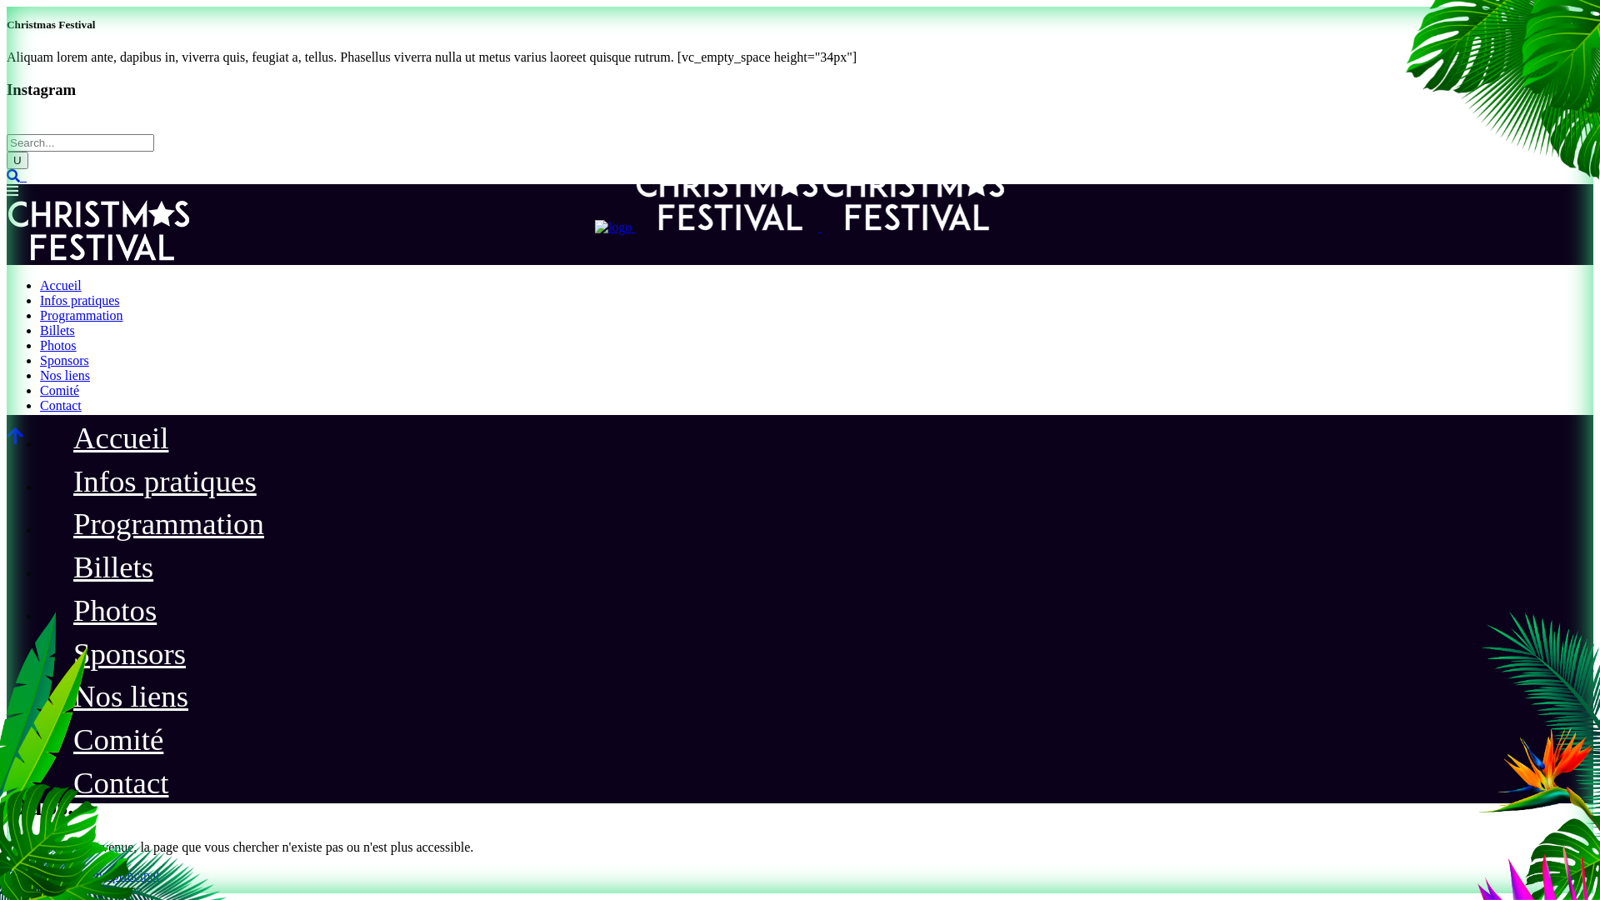  Describe the element at coordinates (57, 330) in the screenshot. I see `'Billets'` at that location.